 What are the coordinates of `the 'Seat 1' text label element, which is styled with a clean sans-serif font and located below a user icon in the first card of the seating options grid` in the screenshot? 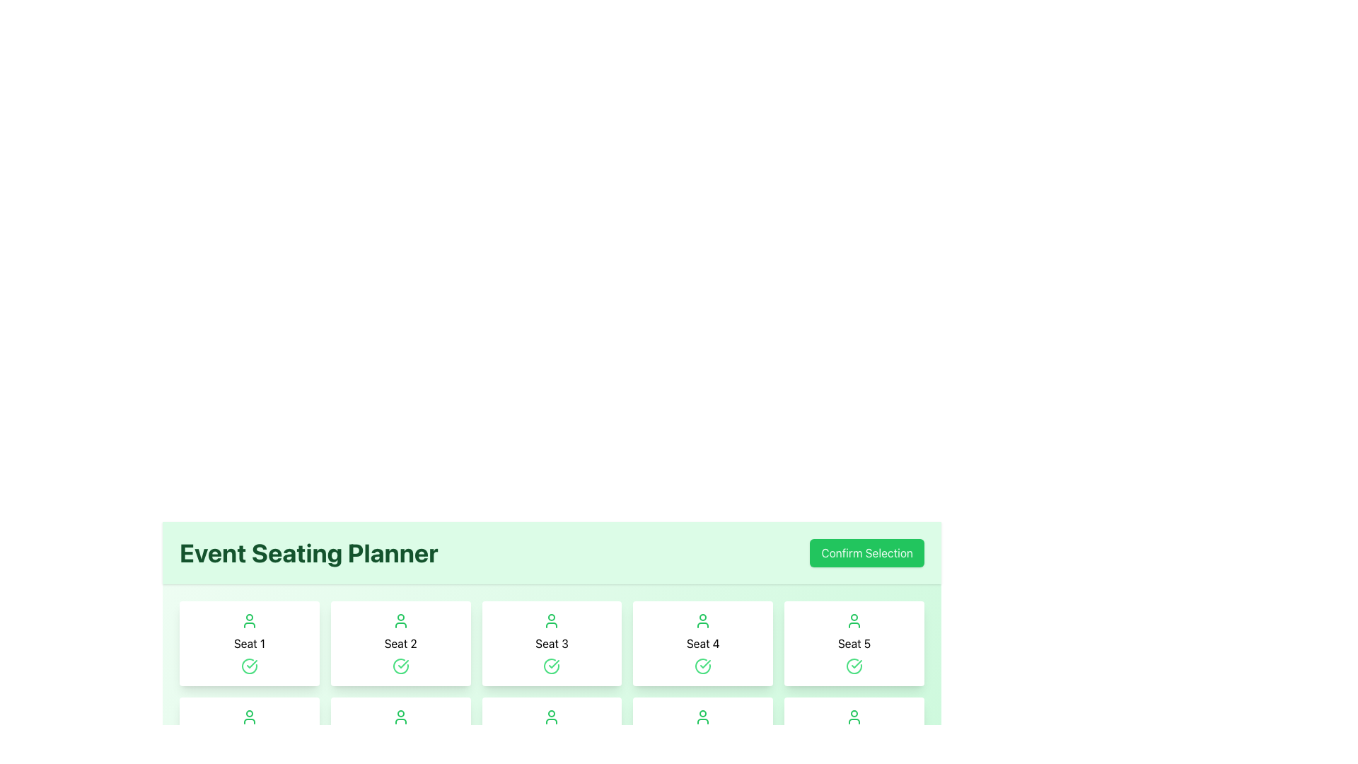 It's located at (249, 644).